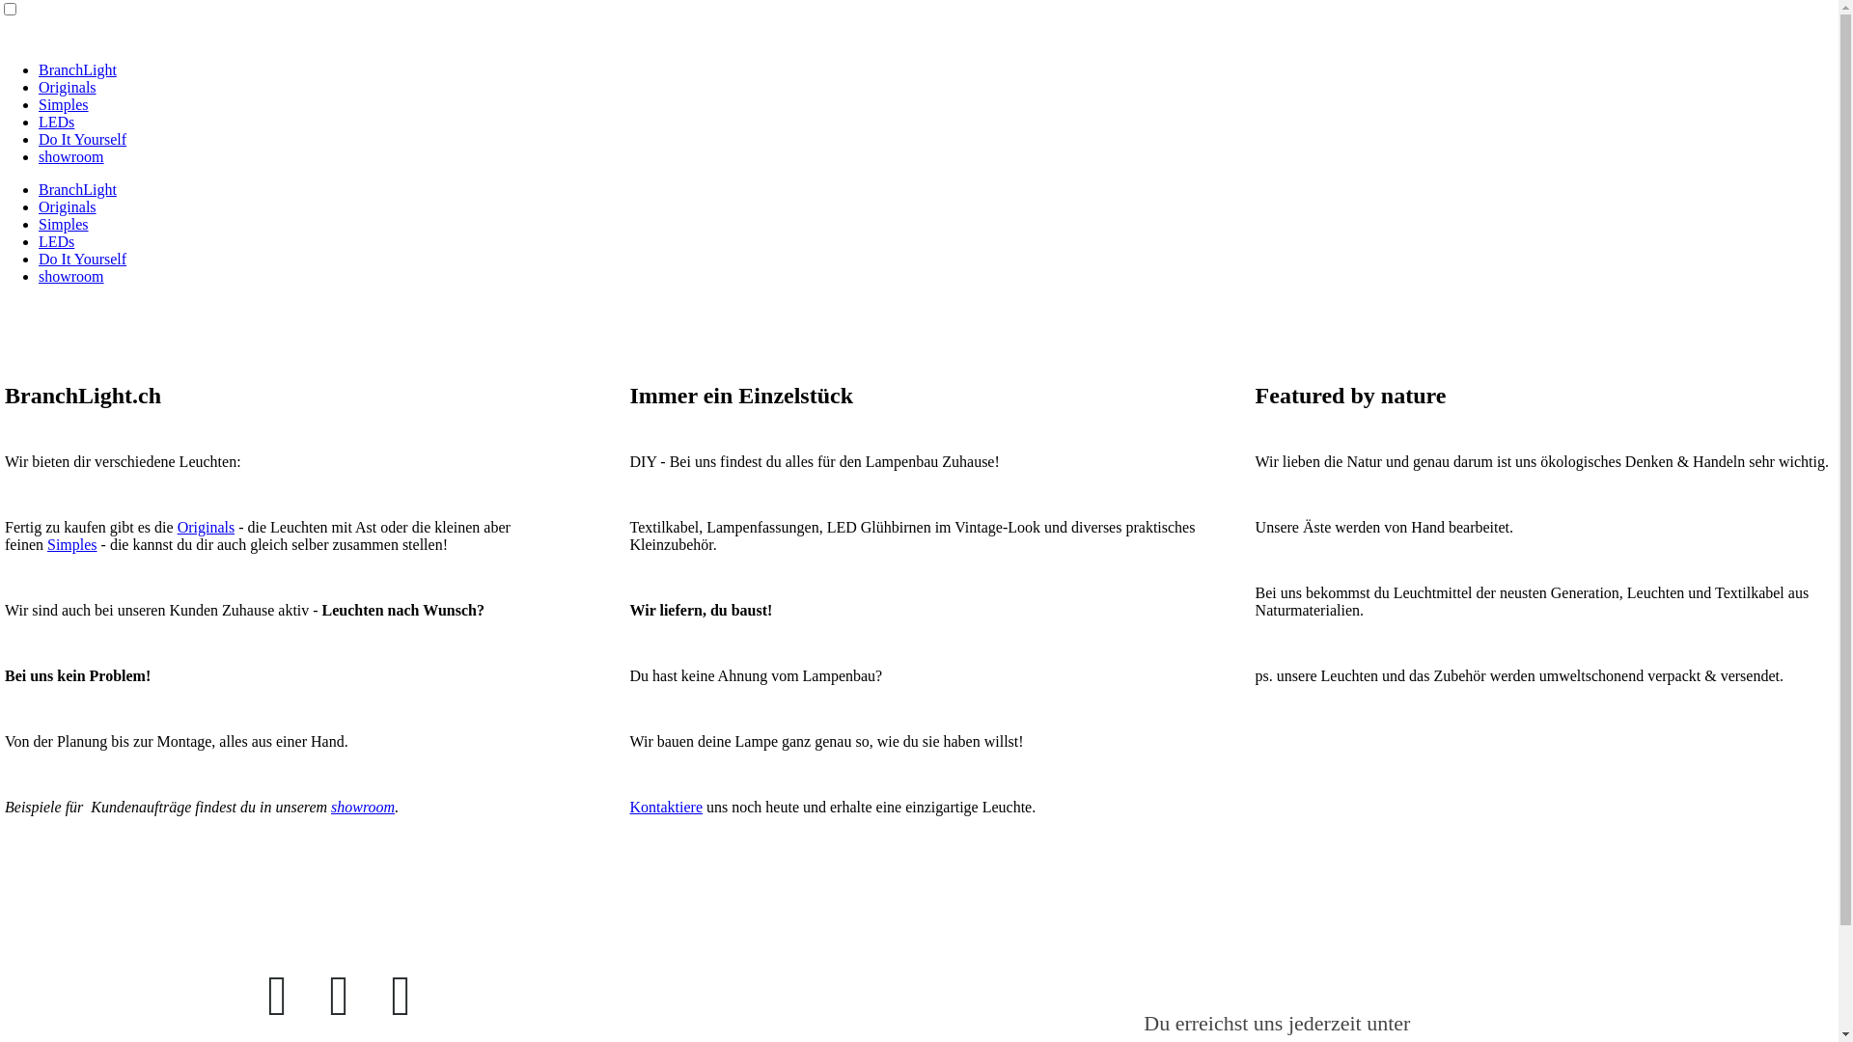  Describe the element at coordinates (666, 807) in the screenshot. I see `'Kontaktiere'` at that location.